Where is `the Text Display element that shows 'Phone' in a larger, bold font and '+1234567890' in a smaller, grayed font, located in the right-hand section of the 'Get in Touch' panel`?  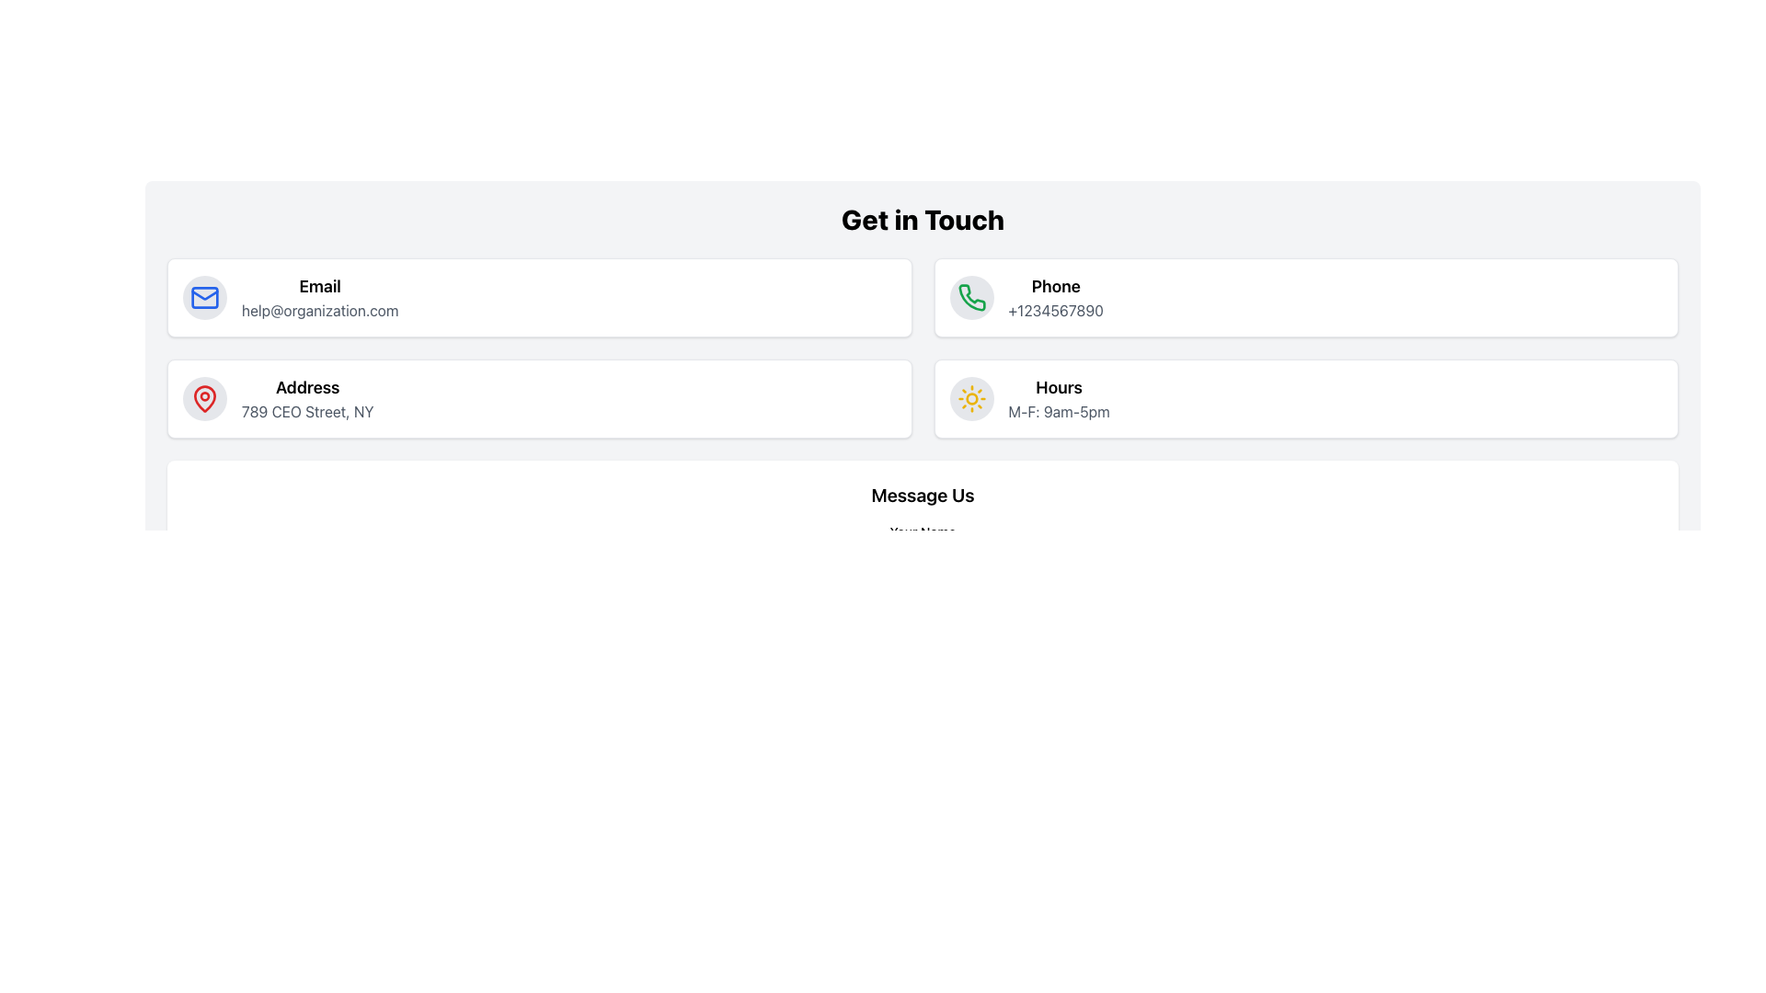
the Text Display element that shows 'Phone' in a larger, bold font and '+1234567890' in a smaller, grayed font, located in the right-hand section of the 'Get in Touch' panel is located at coordinates (1056, 297).